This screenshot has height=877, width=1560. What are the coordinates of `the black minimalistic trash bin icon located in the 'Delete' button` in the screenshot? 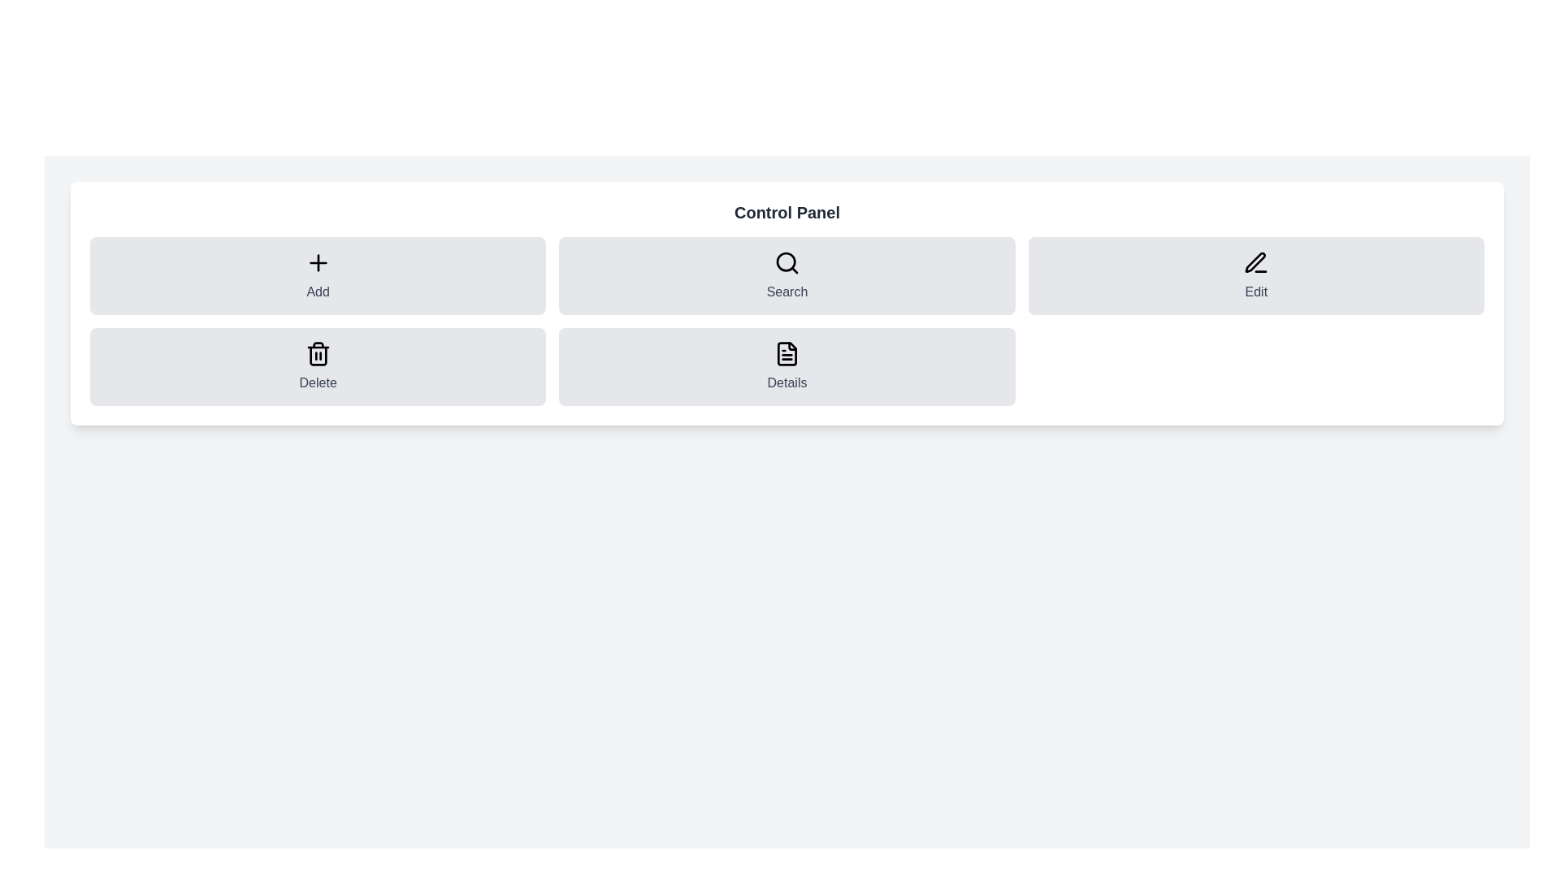 It's located at (318, 352).